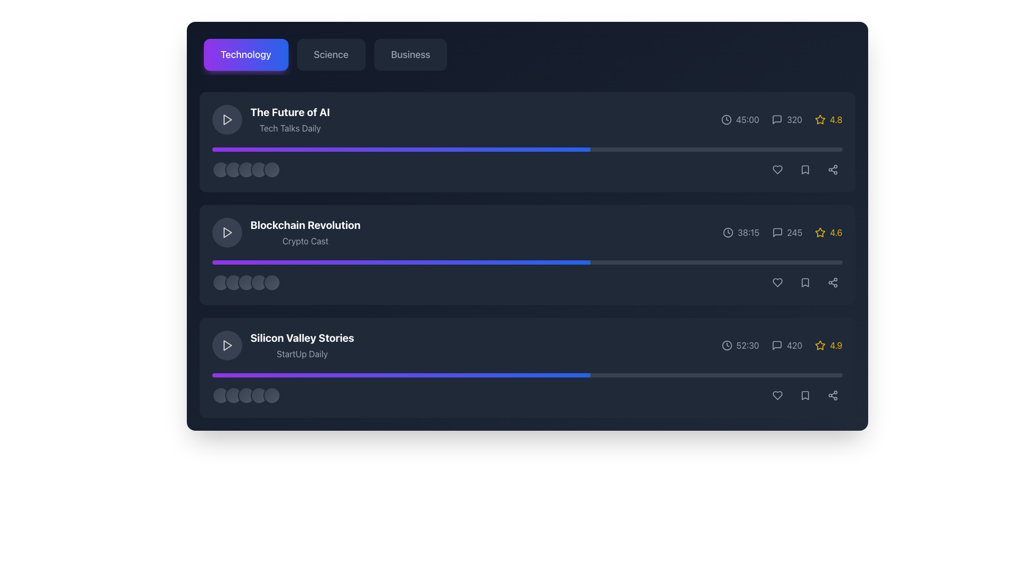 This screenshot has height=575, width=1022. What do you see at coordinates (748, 232) in the screenshot?
I see `text content of the Label/Text Display showing '38:15', positioned in the second row of podcast entries, next to a clock icon` at bounding box center [748, 232].